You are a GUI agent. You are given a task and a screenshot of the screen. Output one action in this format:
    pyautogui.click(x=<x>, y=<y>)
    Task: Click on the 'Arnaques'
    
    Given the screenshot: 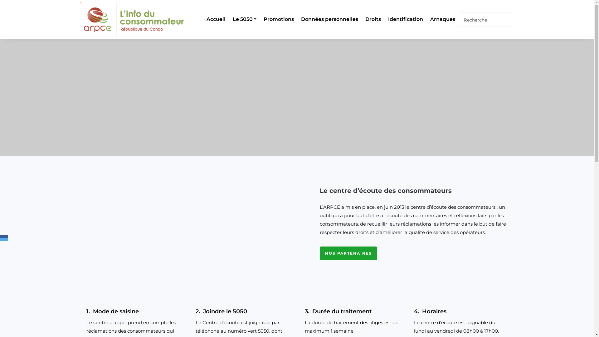 What is the action you would take?
    pyautogui.click(x=425, y=19)
    